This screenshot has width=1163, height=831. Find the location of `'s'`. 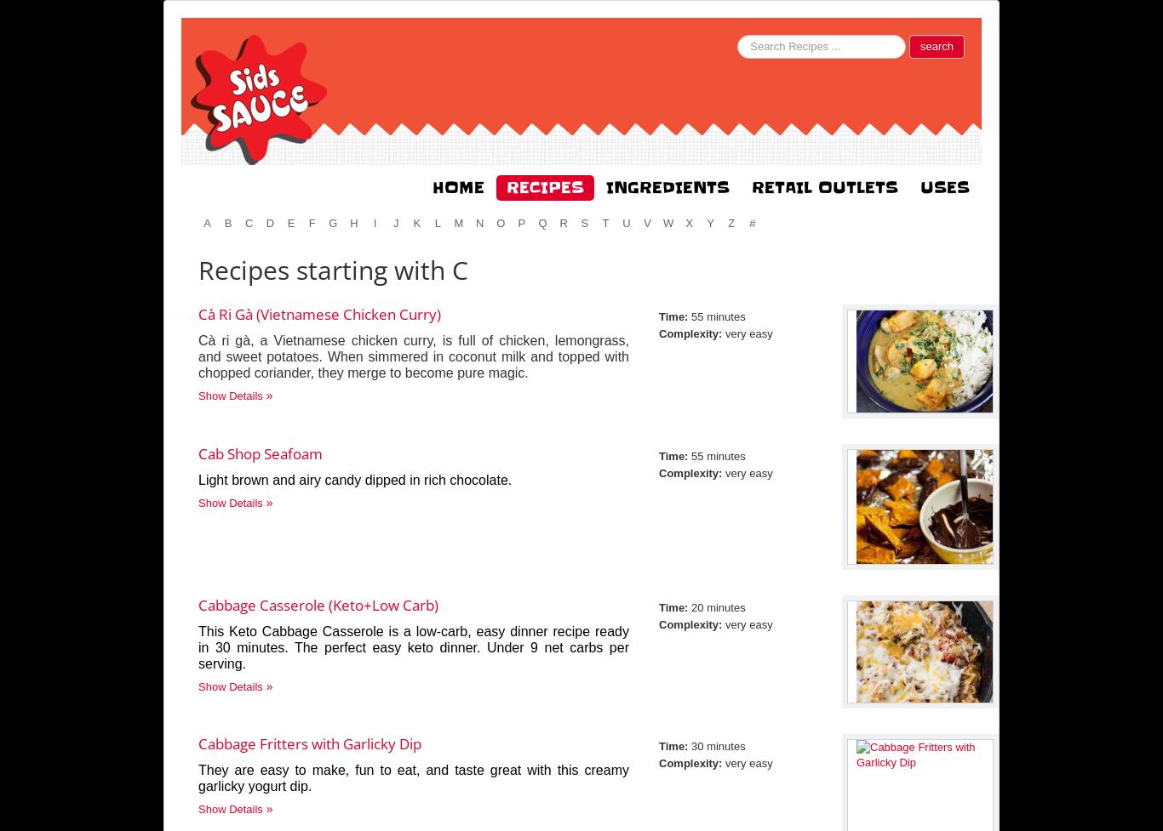

's' is located at coordinates (584, 222).